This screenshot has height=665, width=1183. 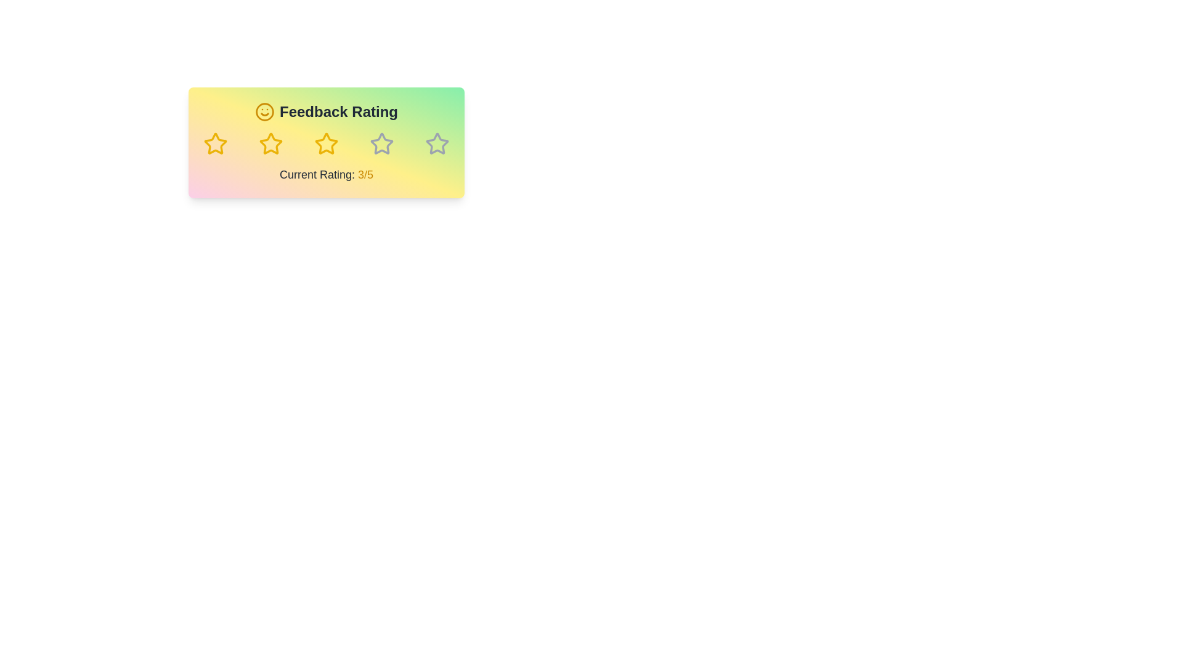 What do you see at coordinates (437, 143) in the screenshot?
I see `the feedback rating to 5 stars by clicking on the corresponding star` at bounding box center [437, 143].